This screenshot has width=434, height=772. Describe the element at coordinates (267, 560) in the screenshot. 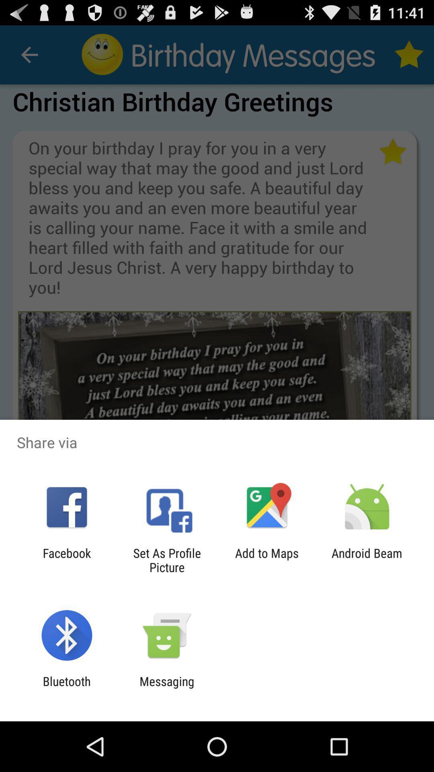

I see `the item to the left of the android beam` at that location.